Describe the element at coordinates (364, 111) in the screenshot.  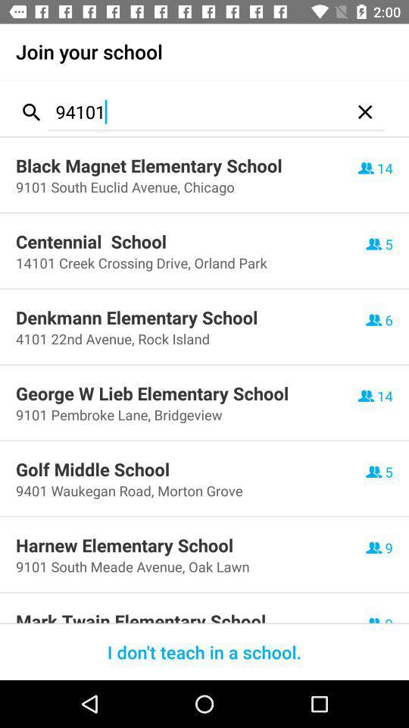
I see `the close icon` at that location.